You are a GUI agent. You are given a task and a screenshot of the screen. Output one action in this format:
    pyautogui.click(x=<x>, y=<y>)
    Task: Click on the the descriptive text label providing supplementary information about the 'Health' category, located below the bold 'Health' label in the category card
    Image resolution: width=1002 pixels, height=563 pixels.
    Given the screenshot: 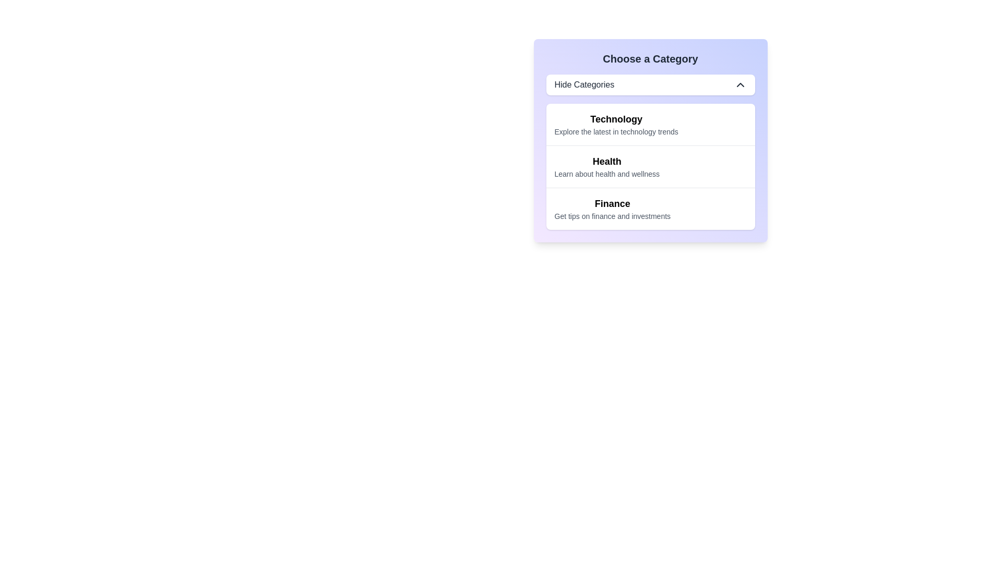 What is the action you would take?
    pyautogui.click(x=607, y=174)
    